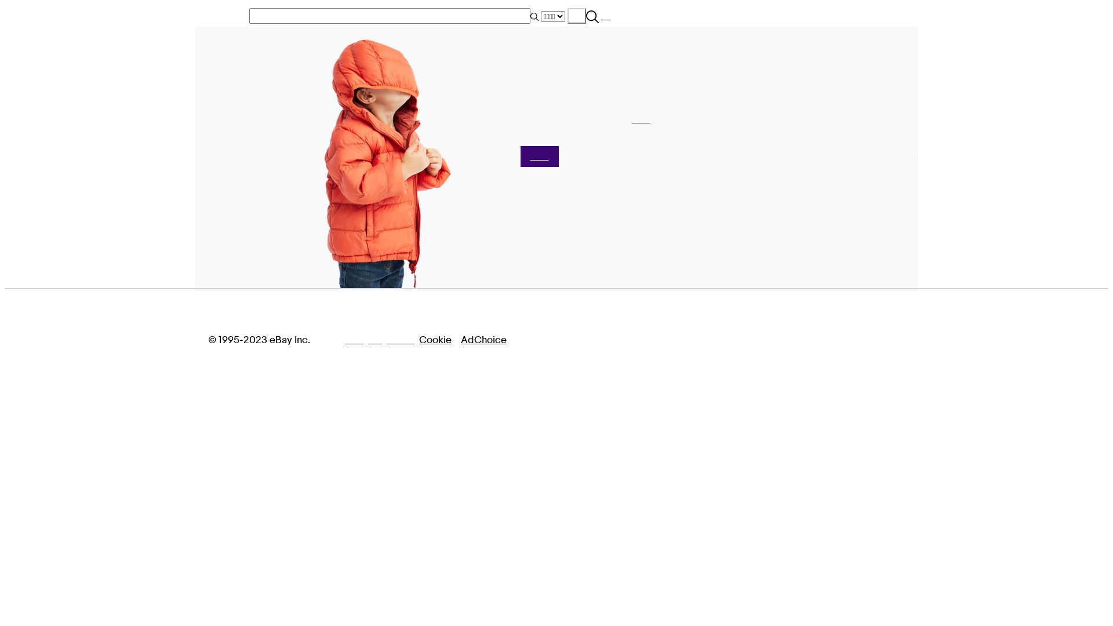 The height and width of the screenshot is (626, 1113). What do you see at coordinates (419, 339) in the screenshot?
I see `'Cookie'` at bounding box center [419, 339].